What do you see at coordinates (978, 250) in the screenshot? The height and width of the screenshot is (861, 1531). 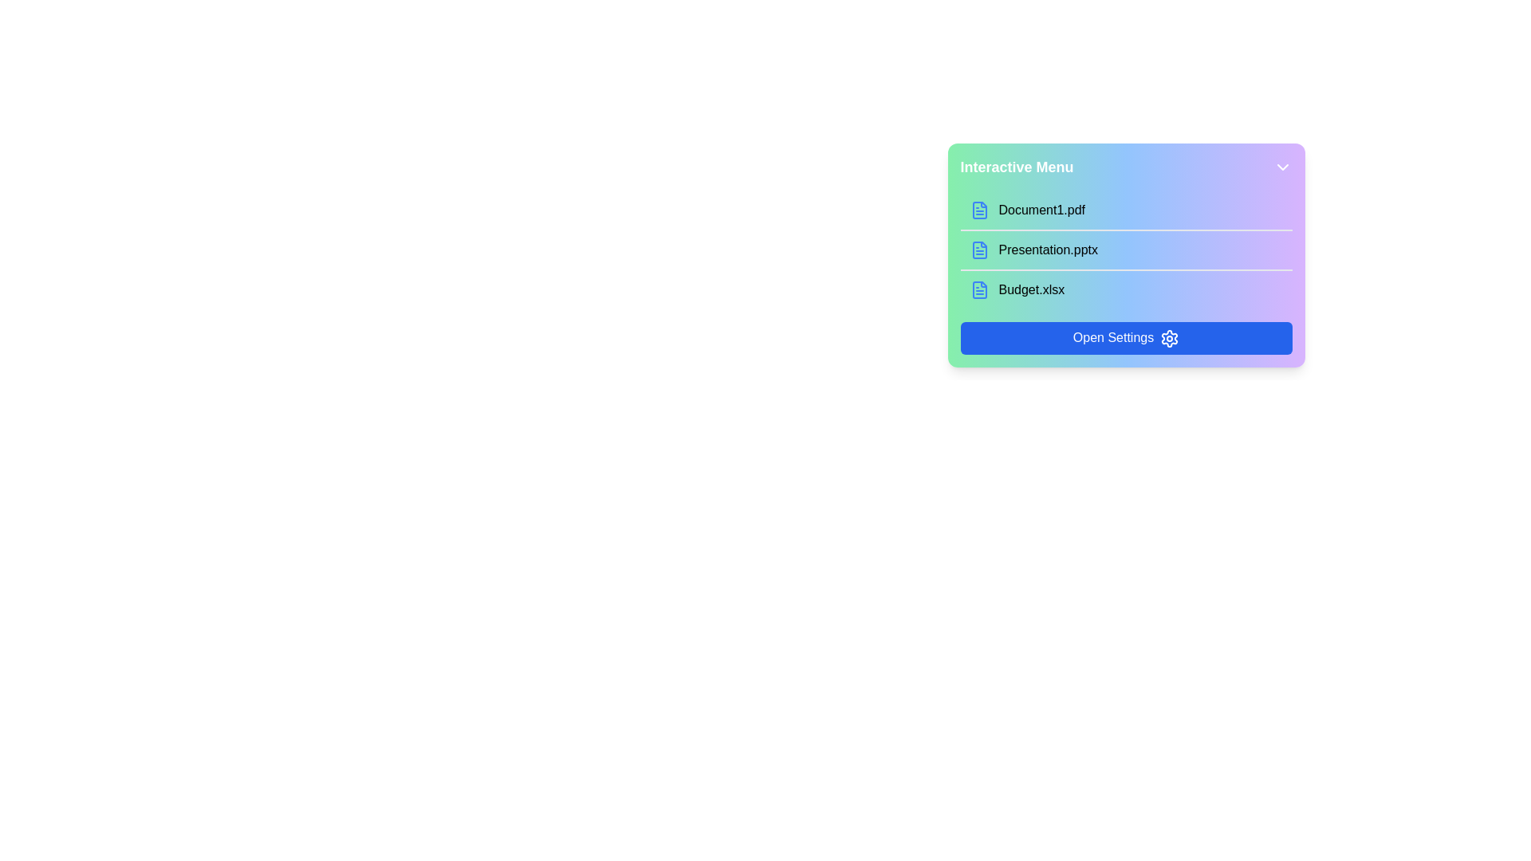 I see `the icon representing the 'Presentation.pptx' file located in the second list item of the 'Interactive Menu'` at bounding box center [978, 250].